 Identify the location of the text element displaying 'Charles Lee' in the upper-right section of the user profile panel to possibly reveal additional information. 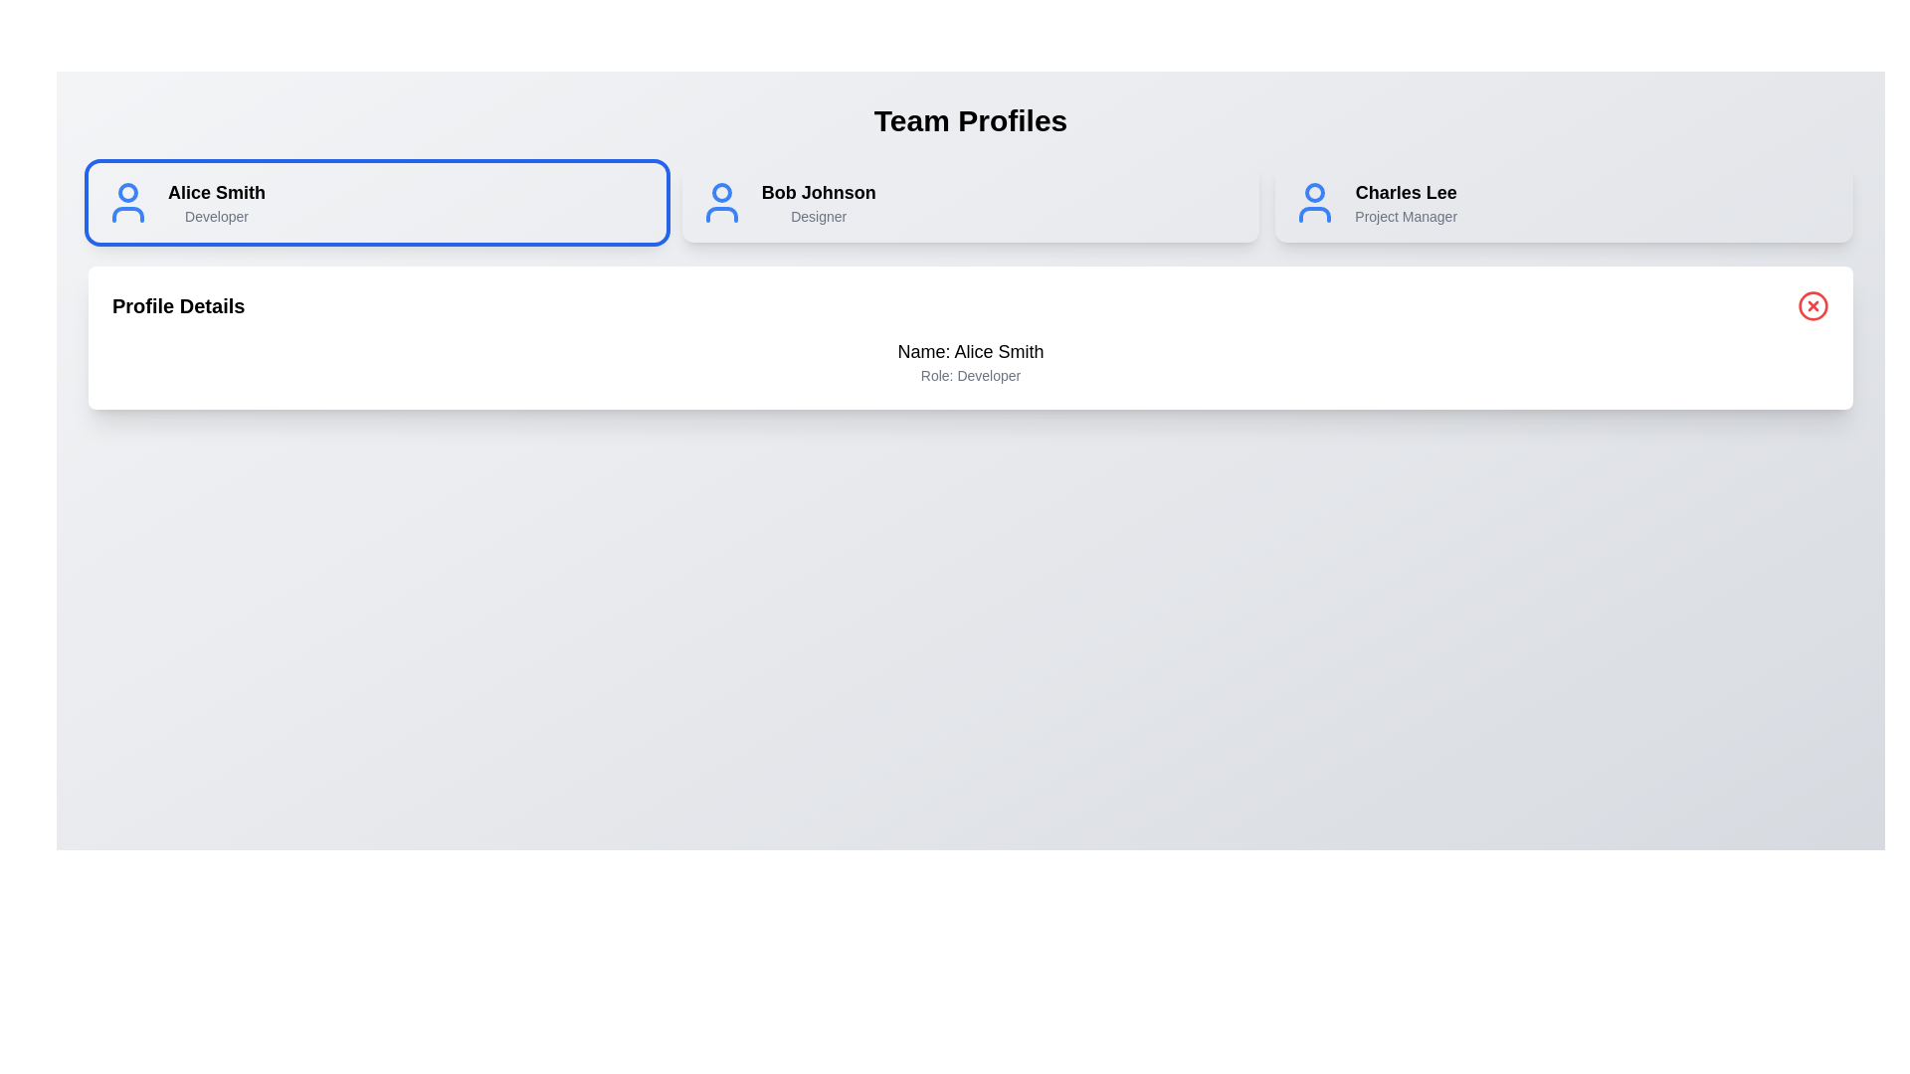
(1405, 192).